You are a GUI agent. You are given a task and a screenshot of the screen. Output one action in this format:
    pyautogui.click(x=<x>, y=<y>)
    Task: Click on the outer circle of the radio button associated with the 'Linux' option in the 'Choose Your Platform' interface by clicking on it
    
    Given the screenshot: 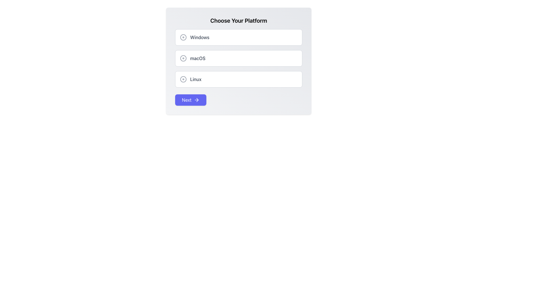 What is the action you would take?
    pyautogui.click(x=183, y=79)
    